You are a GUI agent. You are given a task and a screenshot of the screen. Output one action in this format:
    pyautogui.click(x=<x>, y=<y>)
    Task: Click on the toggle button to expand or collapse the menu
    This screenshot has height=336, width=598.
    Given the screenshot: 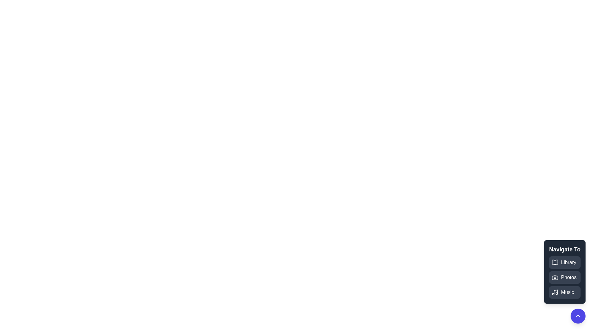 What is the action you would take?
    pyautogui.click(x=578, y=316)
    